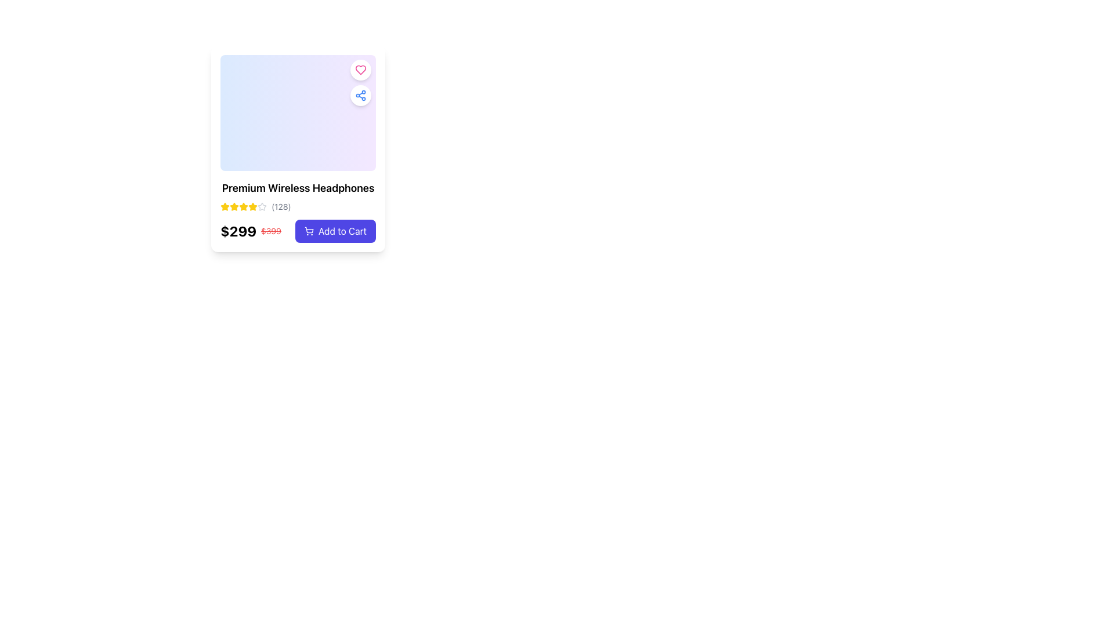 The height and width of the screenshot is (626, 1114). What do you see at coordinates (309, 230) in the screenshot?
I see `the shopping cart icon, which is a stylized vector graphic with a handle and wheels` at bounding box center [309, 230].